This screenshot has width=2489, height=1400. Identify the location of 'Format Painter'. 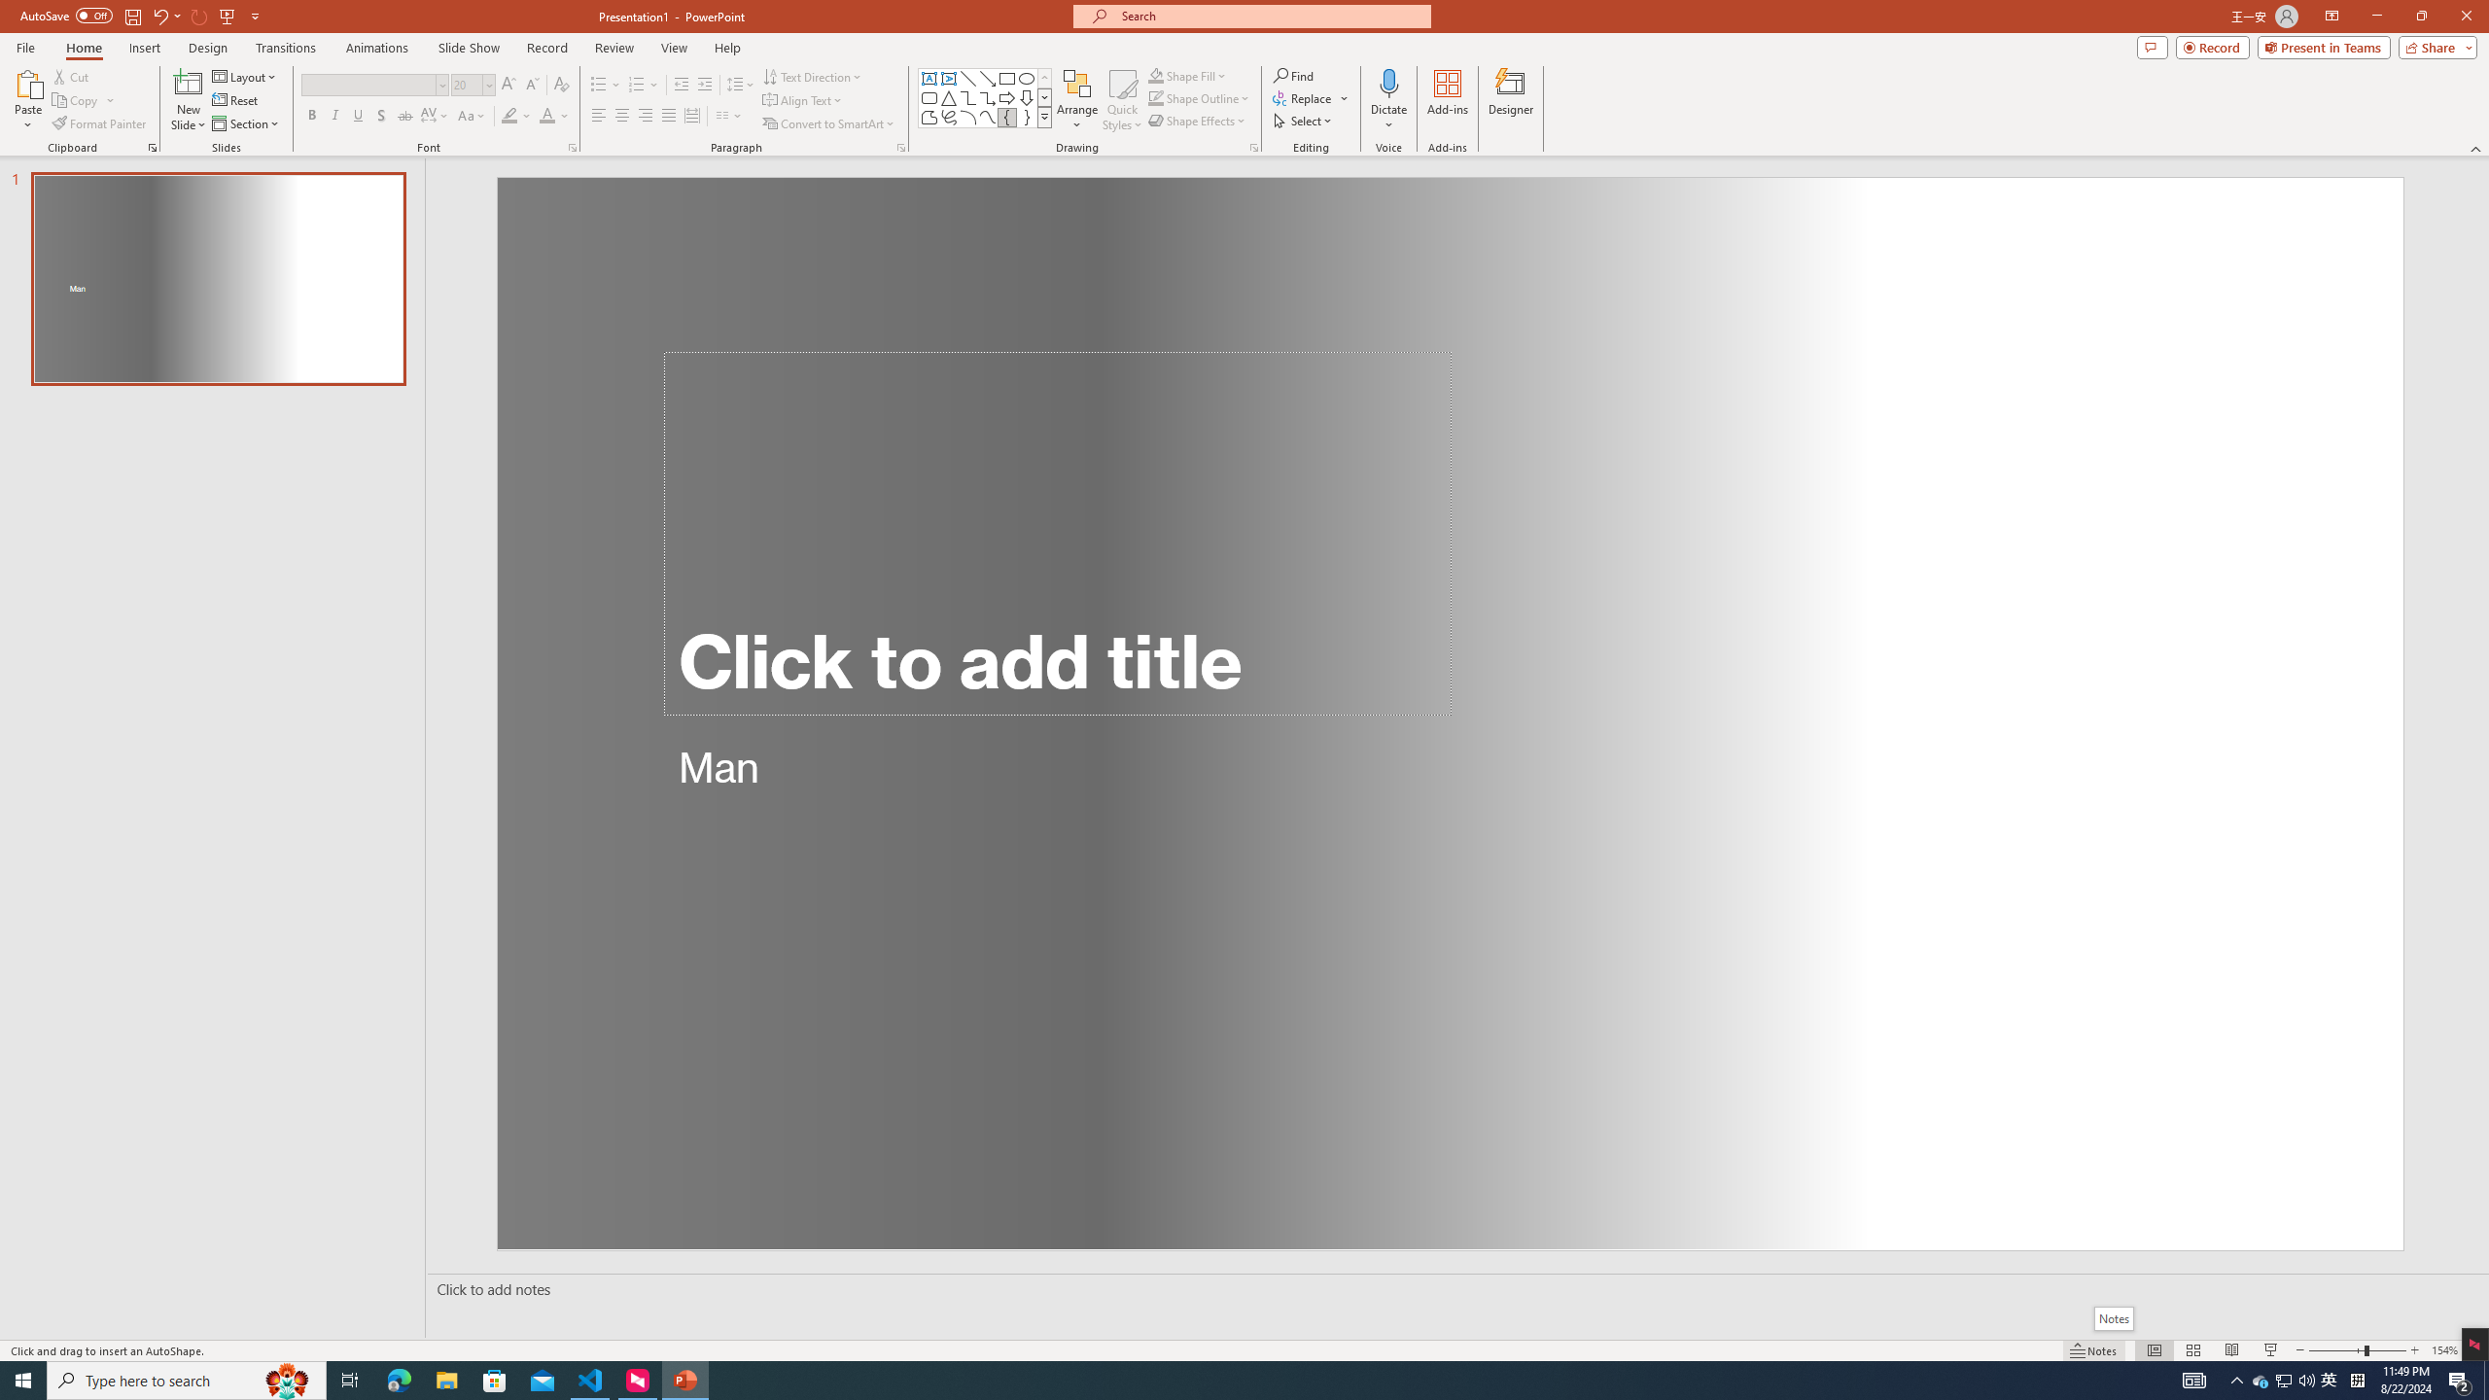
(99, 123).